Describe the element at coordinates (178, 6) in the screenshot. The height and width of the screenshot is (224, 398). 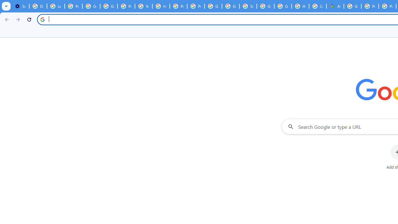
I see `'Privacy Help Center - Policies Help'` at that location.